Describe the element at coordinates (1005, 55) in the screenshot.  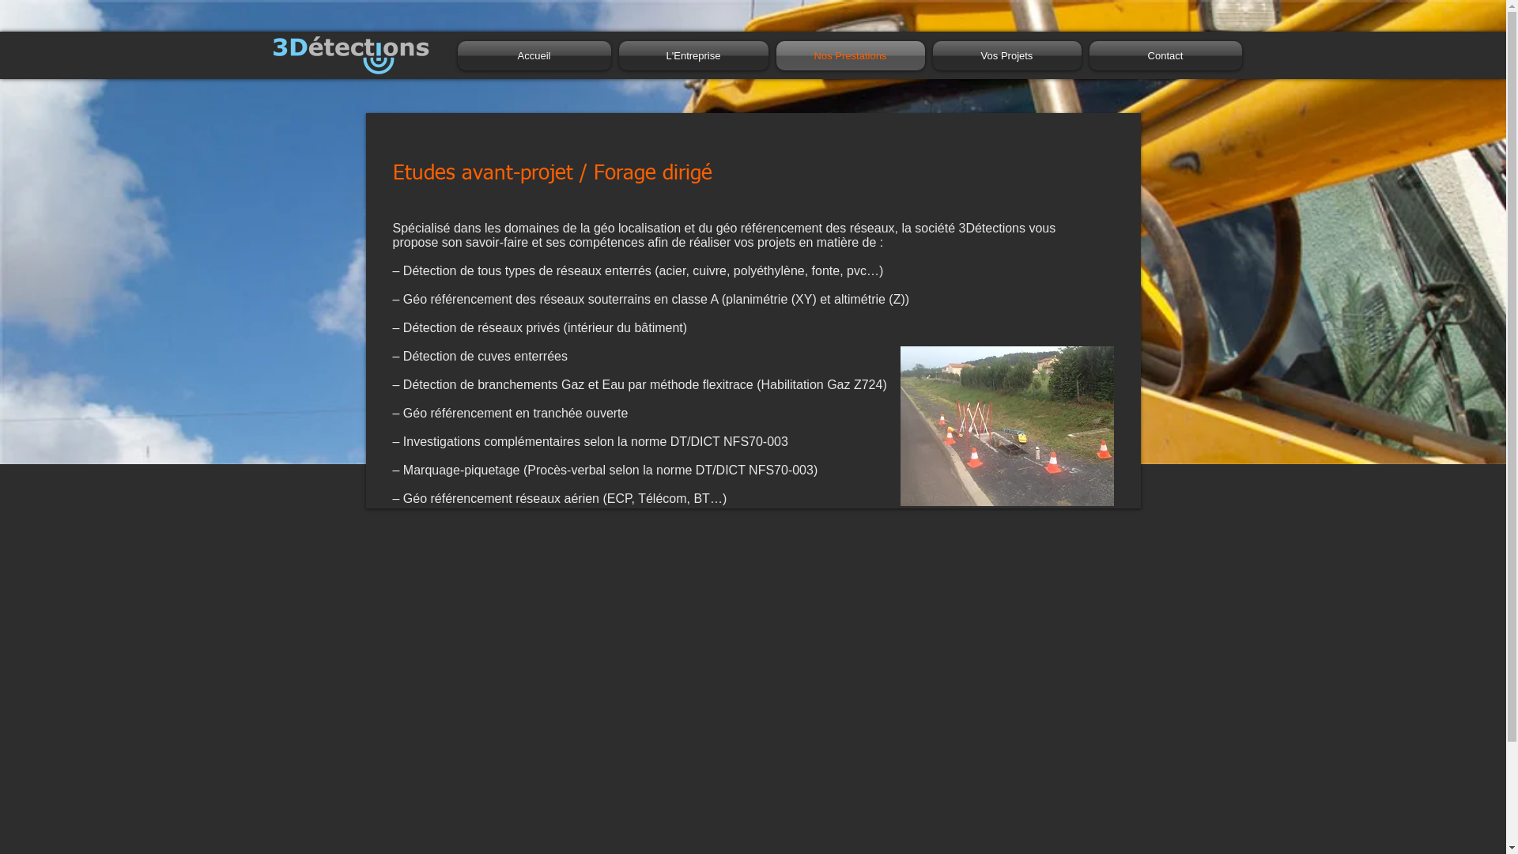
I see `'Vos Projets'` at that location.